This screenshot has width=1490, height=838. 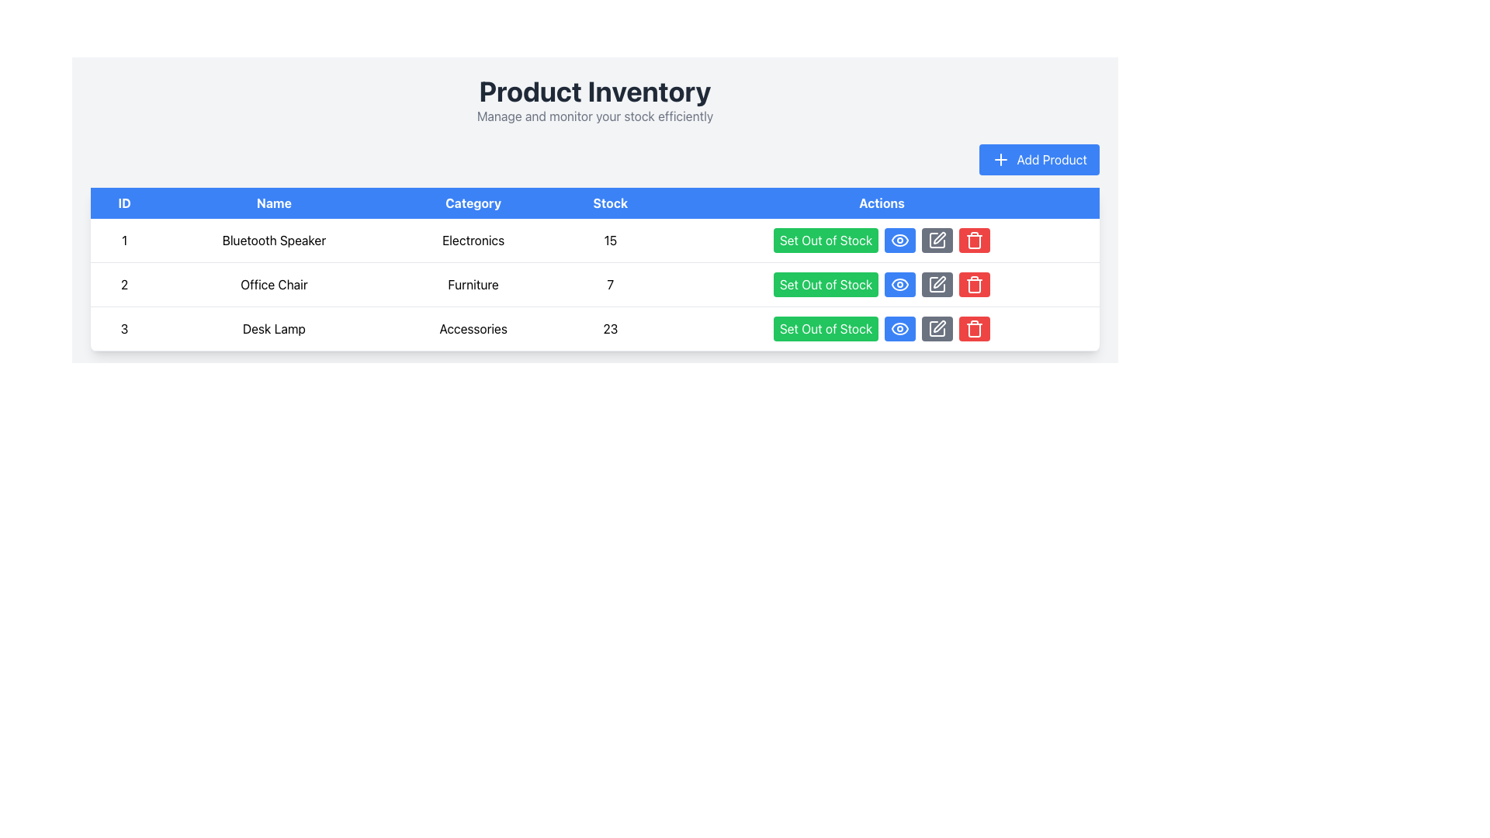 I want to click on the text component displaying '15' under the 'Stock' column of the table, which aligns with the 'Bluetooth Speaker' in the 'Name' column, so click(x=609, y=241).